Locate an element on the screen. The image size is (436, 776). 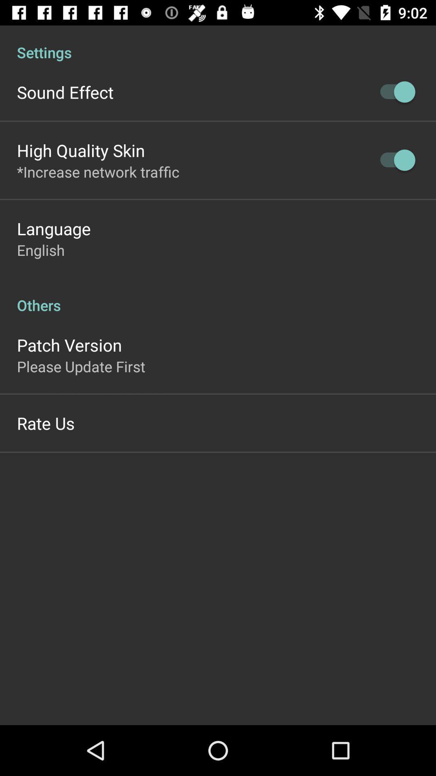
the app above the others is located at coordinates (41, 249).